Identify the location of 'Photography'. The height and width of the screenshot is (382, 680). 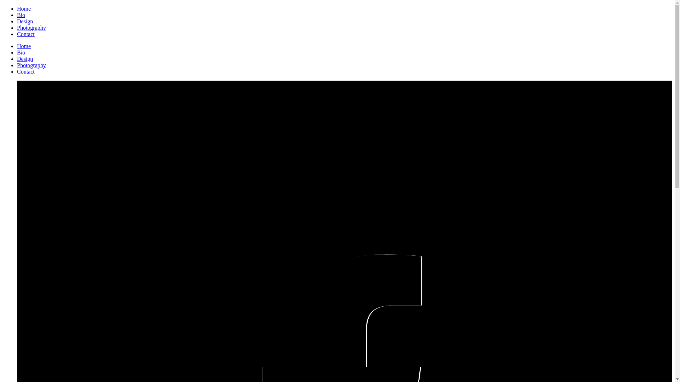
(31, 27).